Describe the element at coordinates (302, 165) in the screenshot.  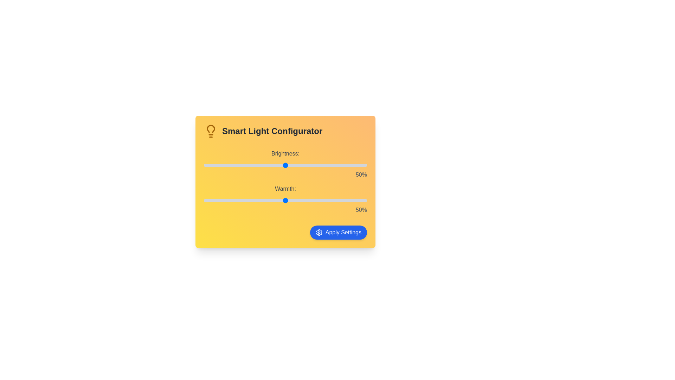
I see `the brightness level` at that location.